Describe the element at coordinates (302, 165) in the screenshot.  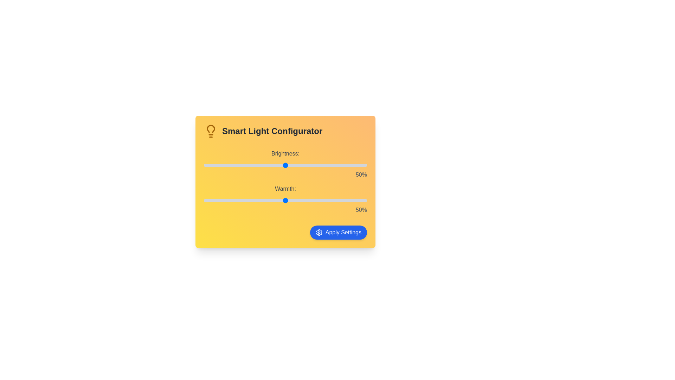
I see `the brightness level` at that location.